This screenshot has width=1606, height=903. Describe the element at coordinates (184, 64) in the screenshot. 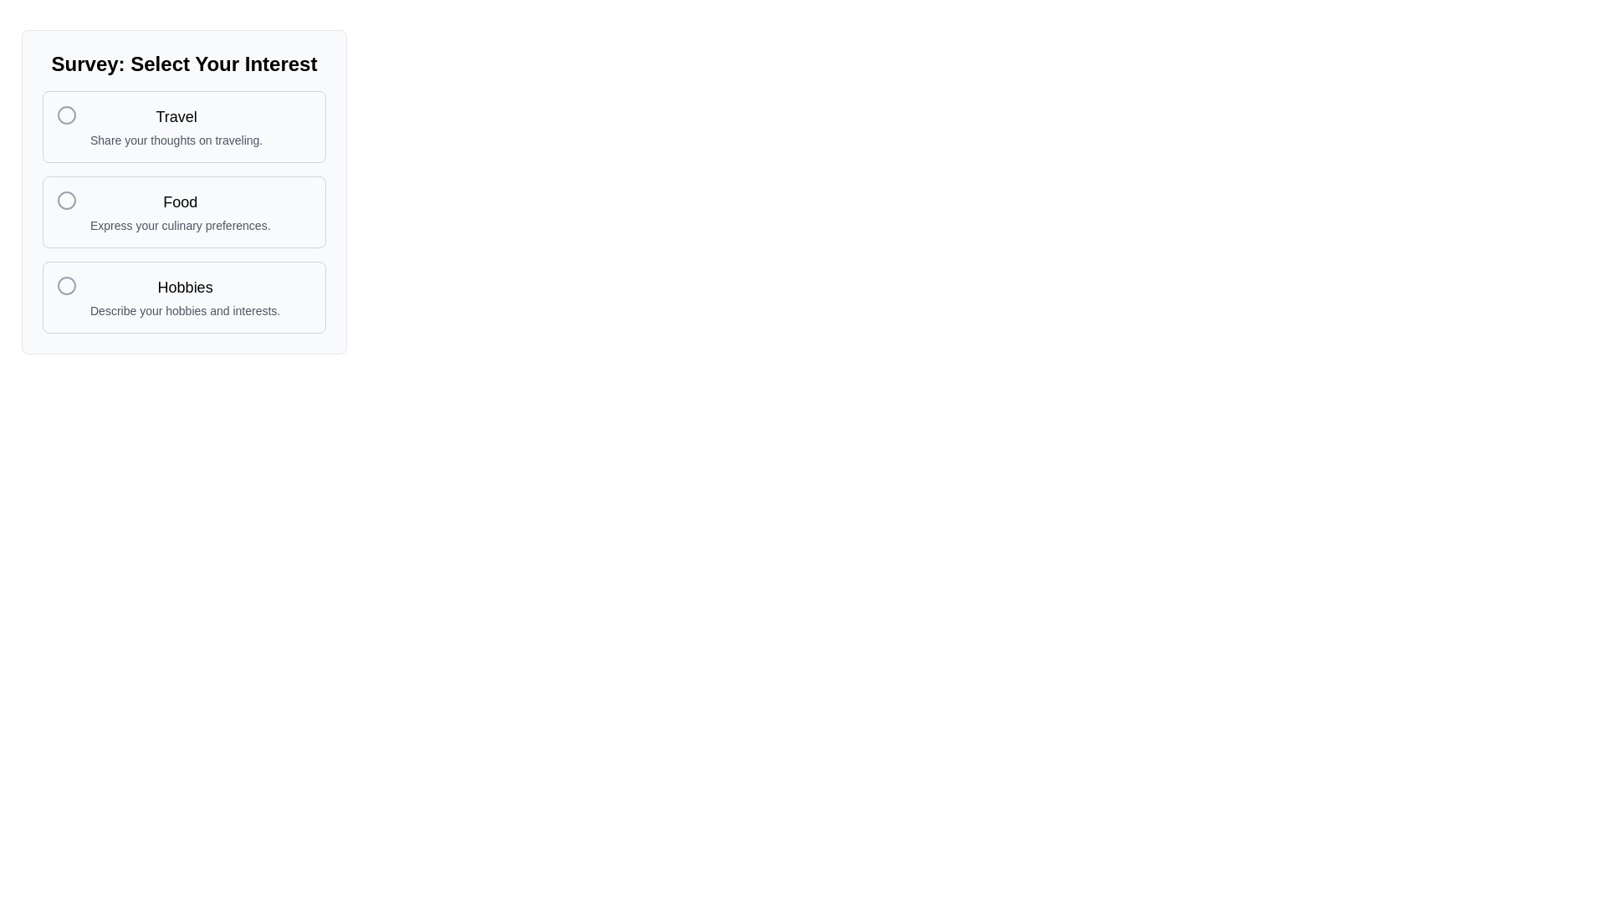

I see `the header text element that displays 'Survey: Select Your Interest', styled prominently with a large bold font, located at the top of the survey box` at that location.